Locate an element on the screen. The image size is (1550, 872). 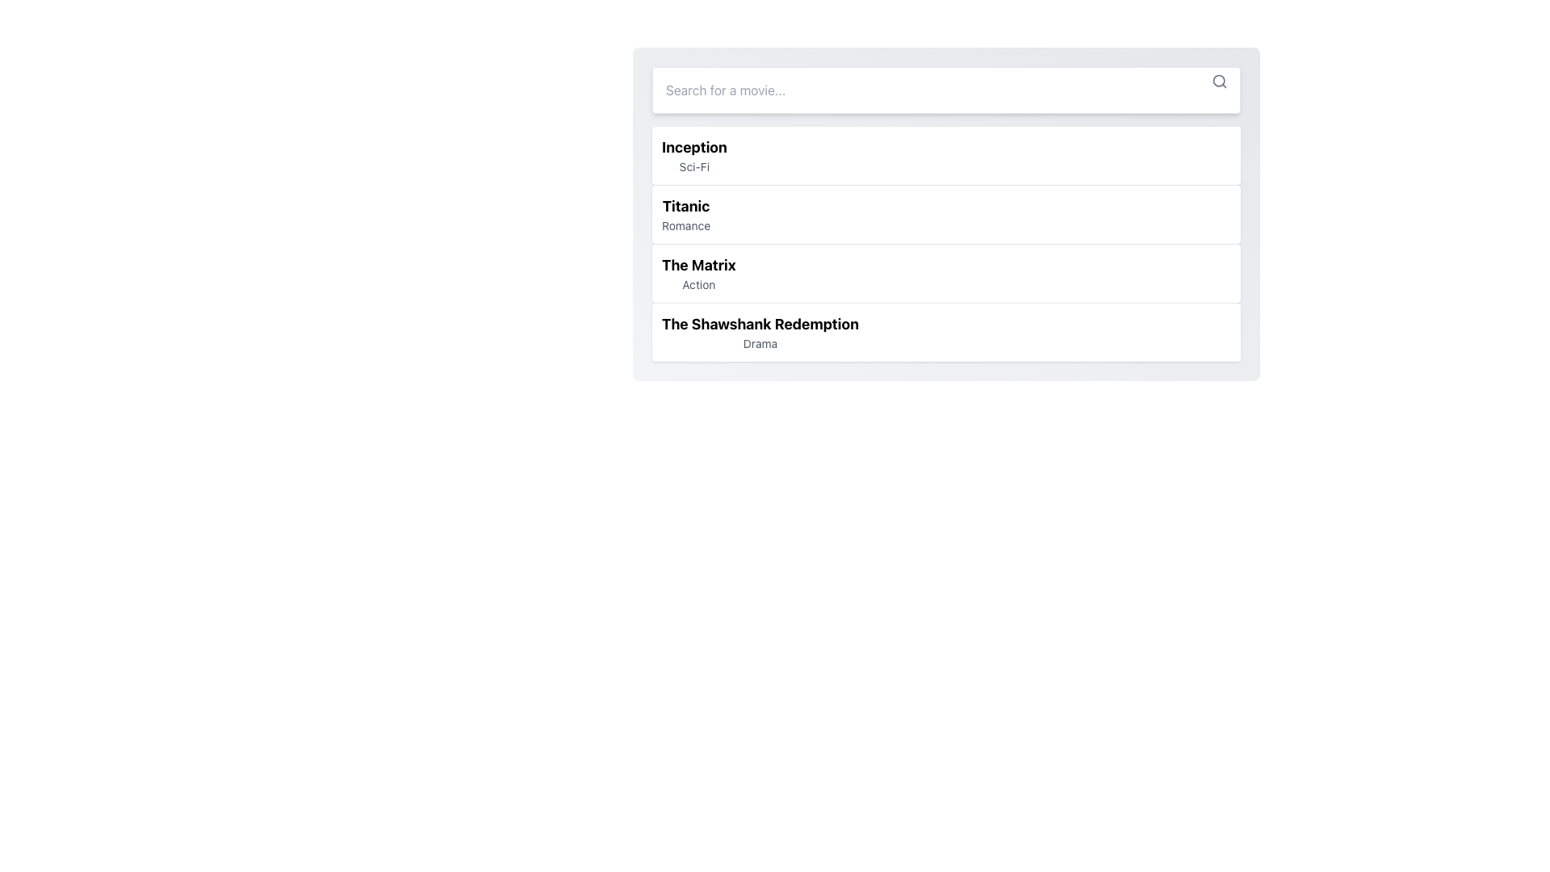
the static text label displaying the genre 'Romance', which is located directly below the title 'Titanic' in the movie list interface is located at coordinates (685, 226).